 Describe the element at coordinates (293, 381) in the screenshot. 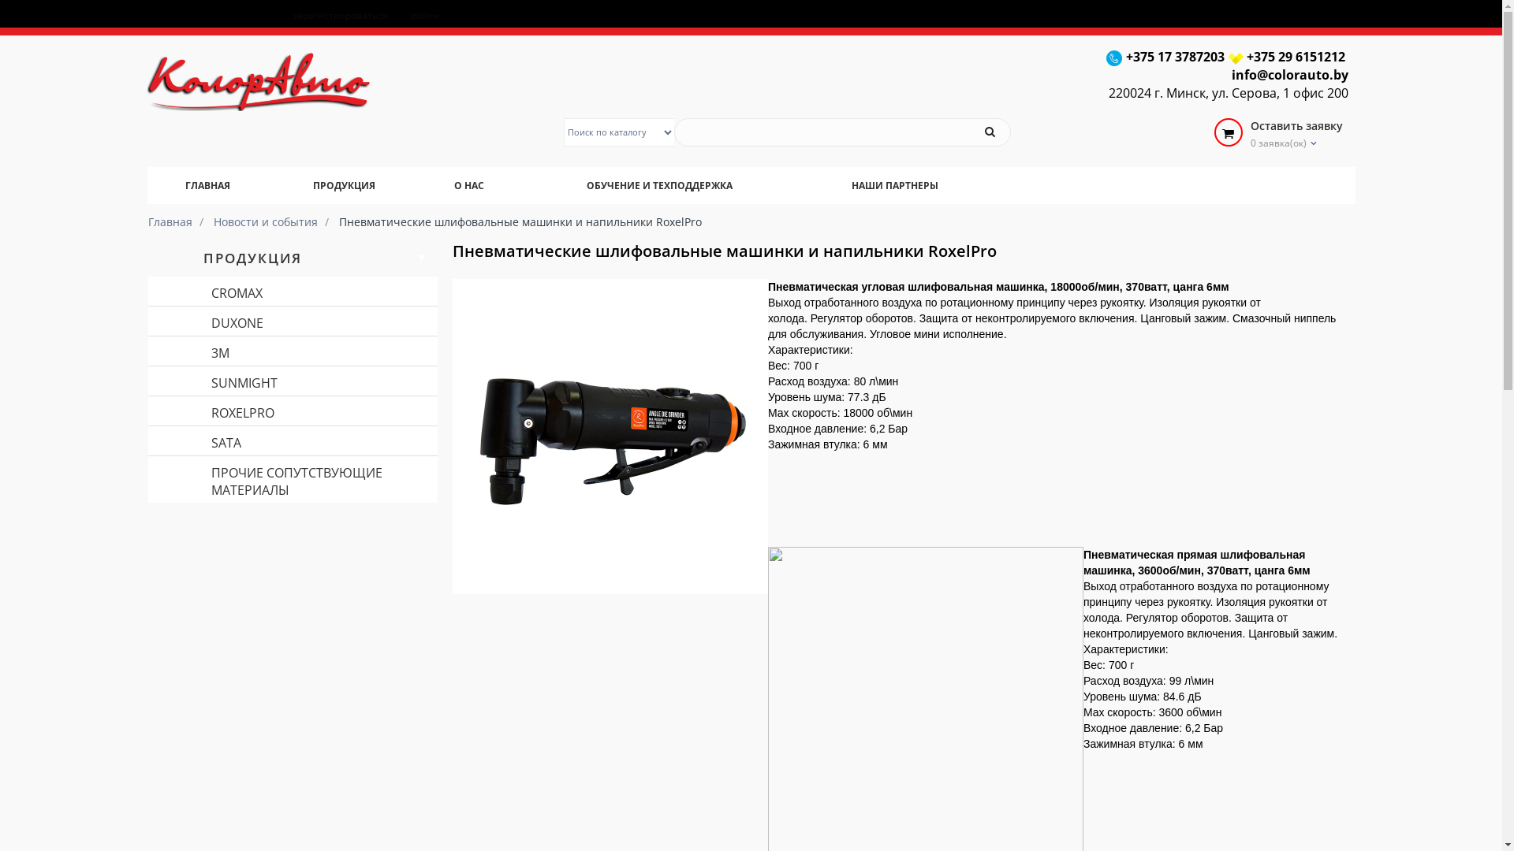

I see `'SUNMIGHT'` at that location.